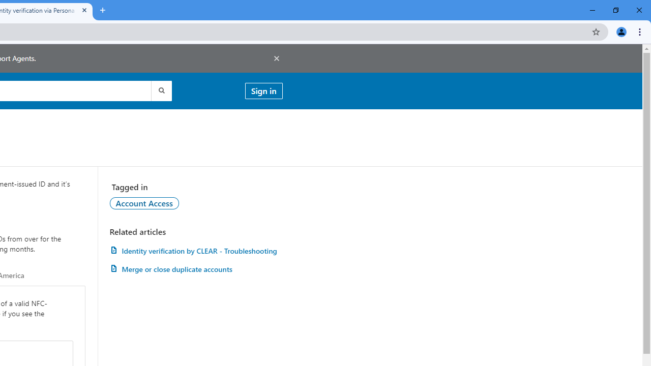 Image resolution: width=651 pixels, height=366 pixels. What do you see at coordinates (143, 203) in the screenshot?
I see `'AutomationID: topic-link-a151002'` at bounding box center [143, 203].